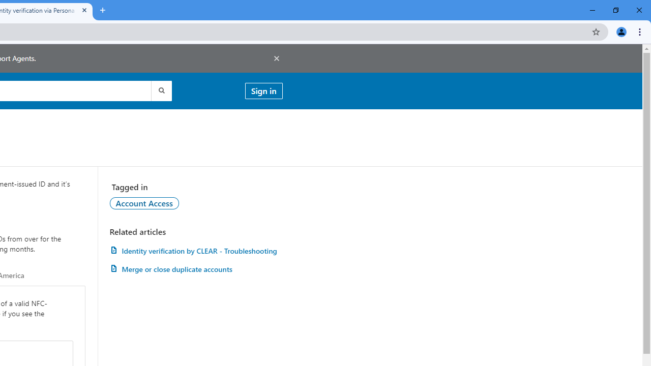 Image resolution: width=651 pixels, height=366 pixels. What do you see at coordinates (143, 203) in the screenshot?
I see `'AutomationID: topic-link-a151002'` at bounding box center [143, 203].